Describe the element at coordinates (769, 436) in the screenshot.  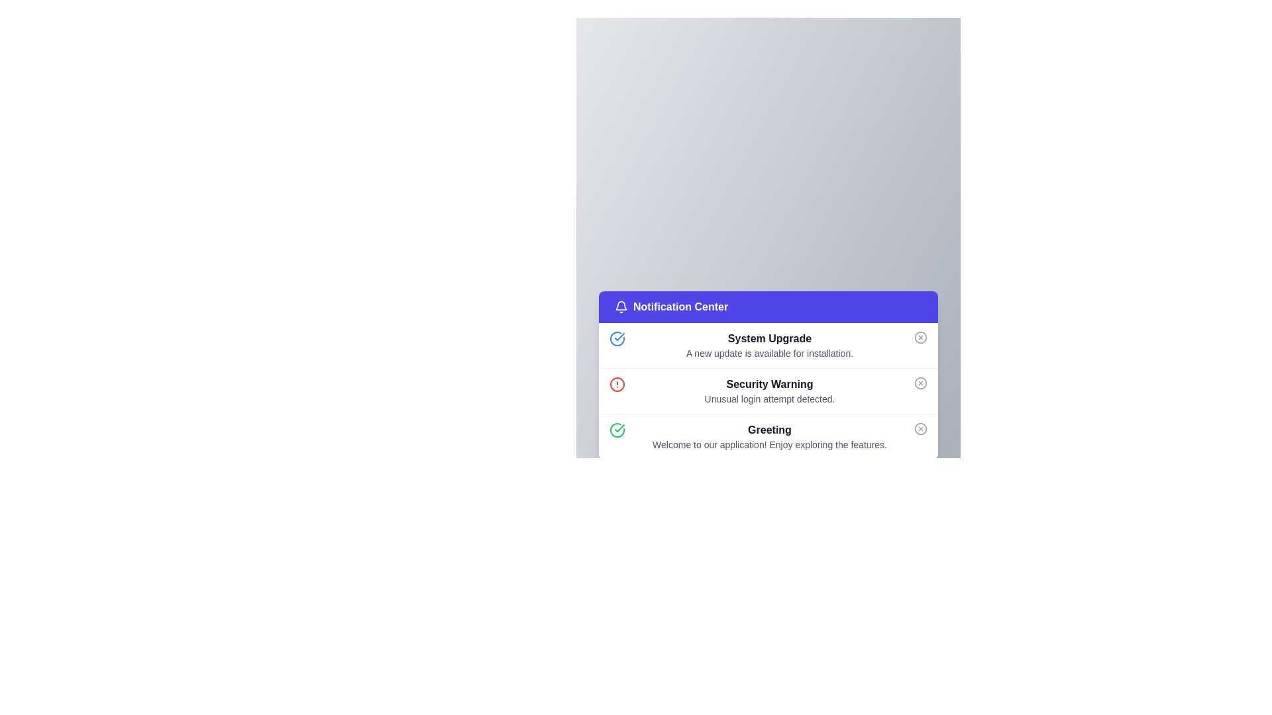
I see `the Text display area that shows a greeting message, positioned as the third entry in the notification list within the panel` at that location.